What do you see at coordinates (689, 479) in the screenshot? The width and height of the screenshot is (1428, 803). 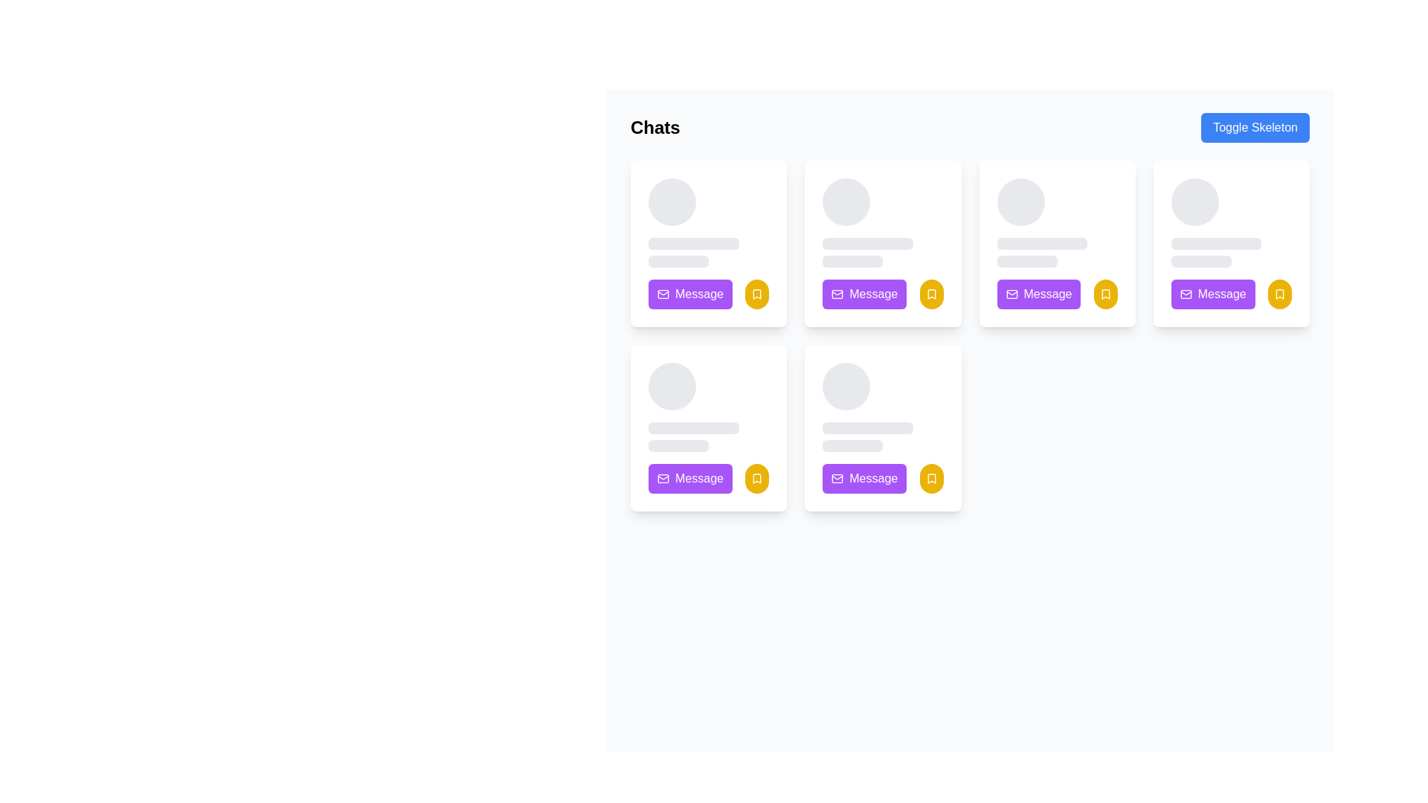 I see `the clickable button used to initiate a messaging action by navigating to it with the keyboard` at bounding box center [689, 479].